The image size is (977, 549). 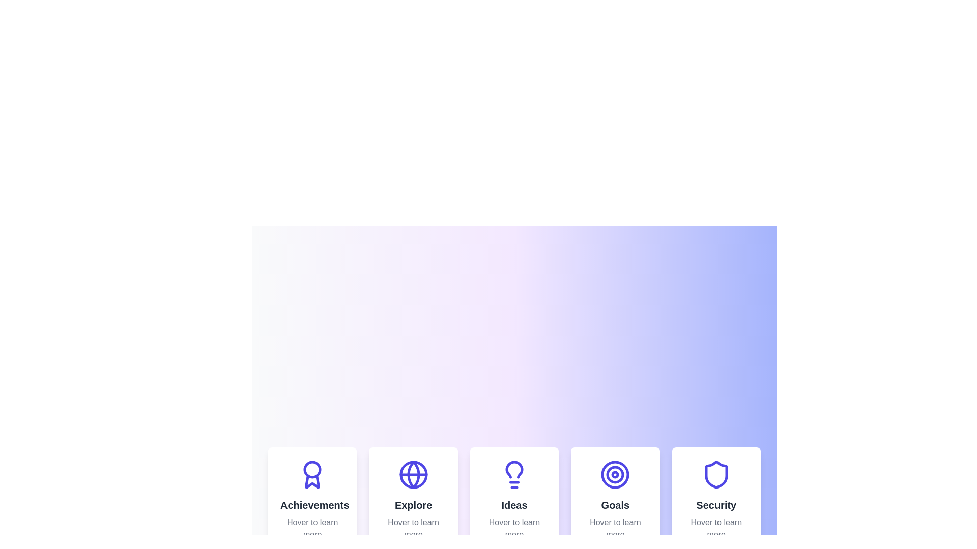 I want to click on the Icon that represents ideas or innovation, located in the card titled 'Ideas', positioned in the upper center of the card, so click(x=514, y=474).